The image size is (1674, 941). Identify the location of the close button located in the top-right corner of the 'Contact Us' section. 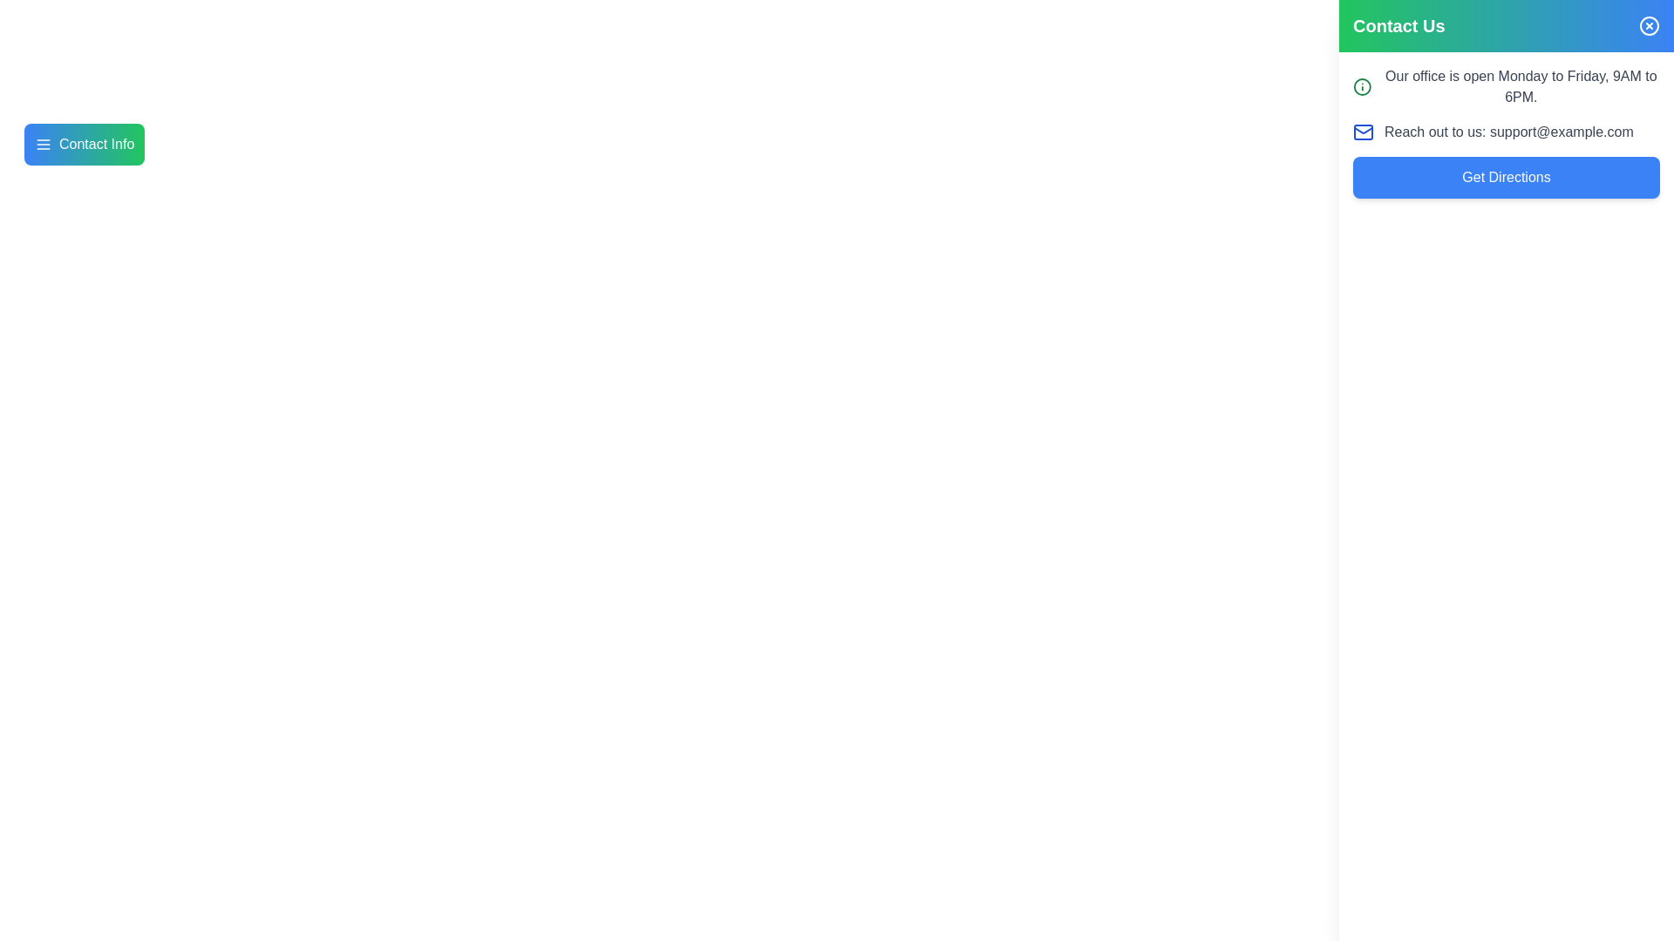
(1648, 26).